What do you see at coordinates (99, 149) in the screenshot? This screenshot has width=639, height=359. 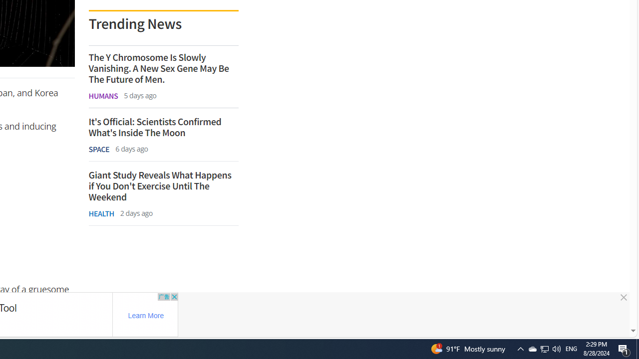 I see `'SPACE'` at bounding box center [99, 149].